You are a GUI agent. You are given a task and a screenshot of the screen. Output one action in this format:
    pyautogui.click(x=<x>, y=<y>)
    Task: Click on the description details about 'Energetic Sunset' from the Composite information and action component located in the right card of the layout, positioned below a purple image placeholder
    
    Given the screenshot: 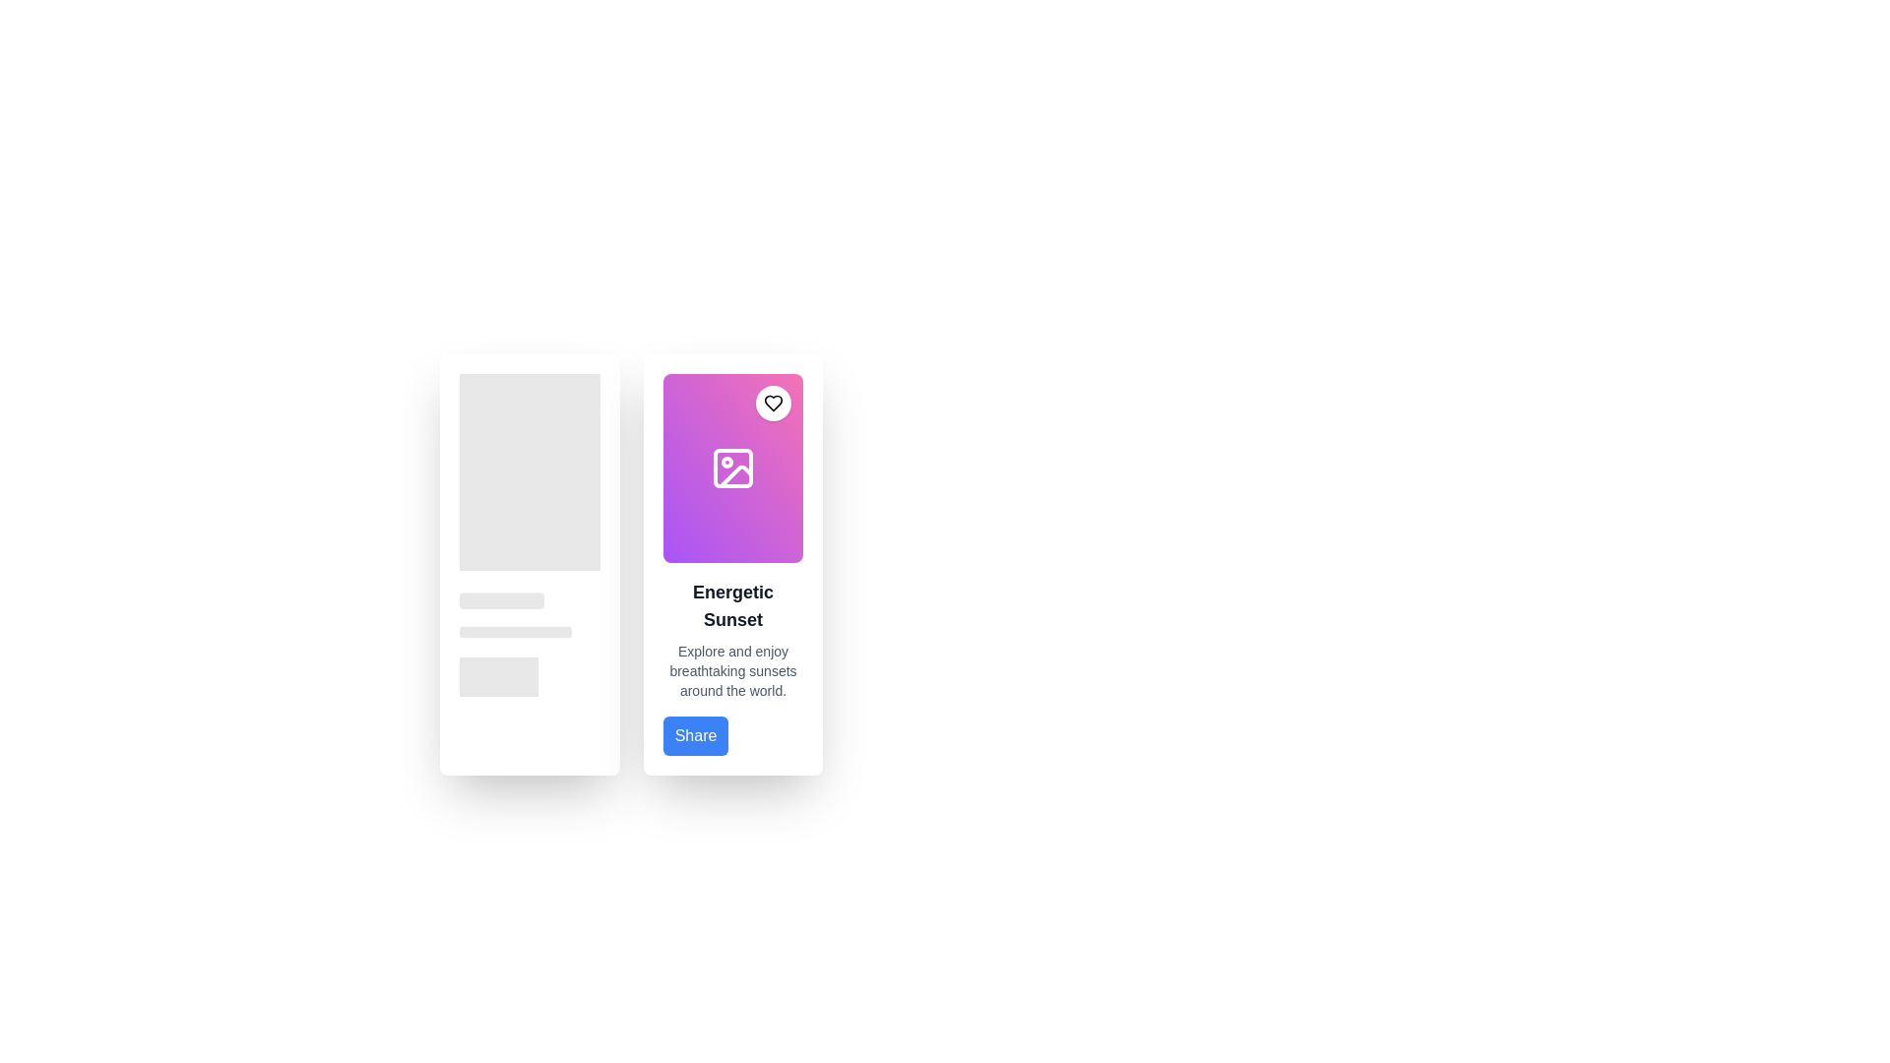 What is the action you would take?
    pyautogui.click(x=731, y=666)
    